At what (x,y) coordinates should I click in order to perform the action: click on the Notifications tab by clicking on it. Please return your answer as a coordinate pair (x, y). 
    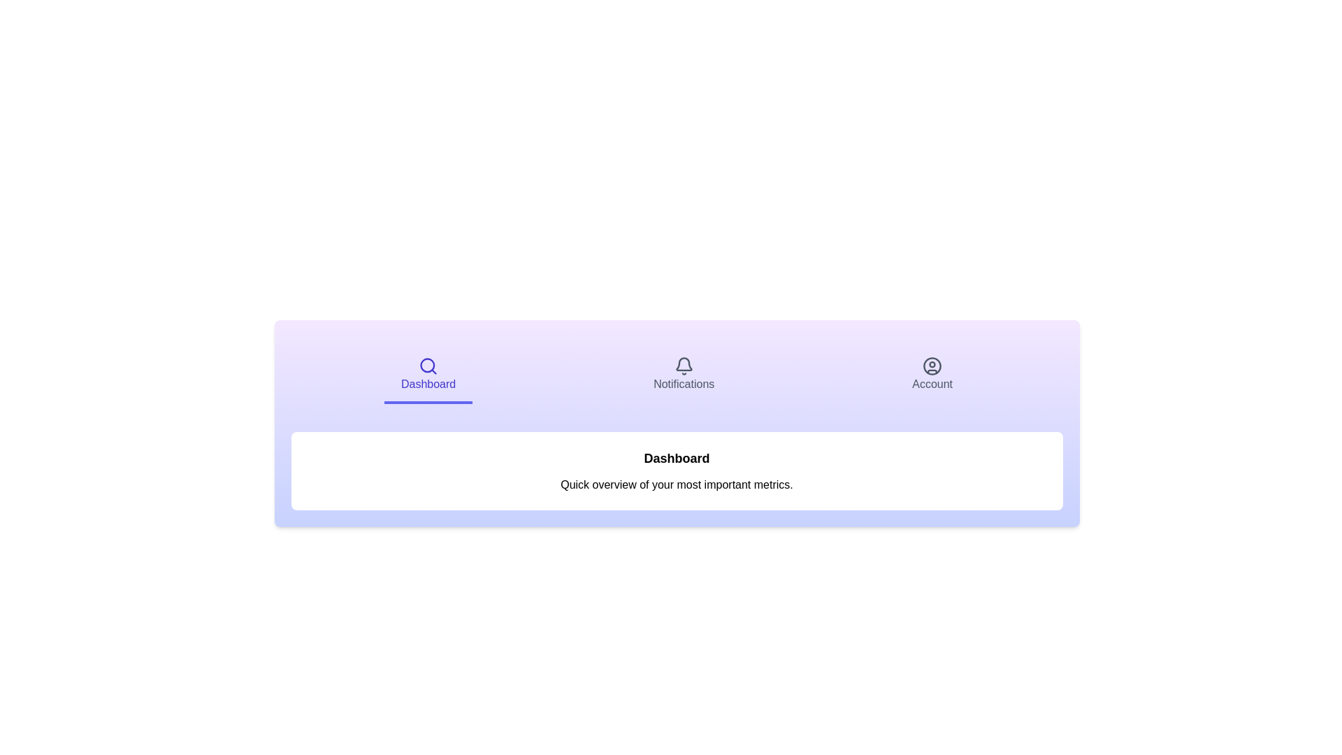
    Looking at the image, I should click on (684, 375).